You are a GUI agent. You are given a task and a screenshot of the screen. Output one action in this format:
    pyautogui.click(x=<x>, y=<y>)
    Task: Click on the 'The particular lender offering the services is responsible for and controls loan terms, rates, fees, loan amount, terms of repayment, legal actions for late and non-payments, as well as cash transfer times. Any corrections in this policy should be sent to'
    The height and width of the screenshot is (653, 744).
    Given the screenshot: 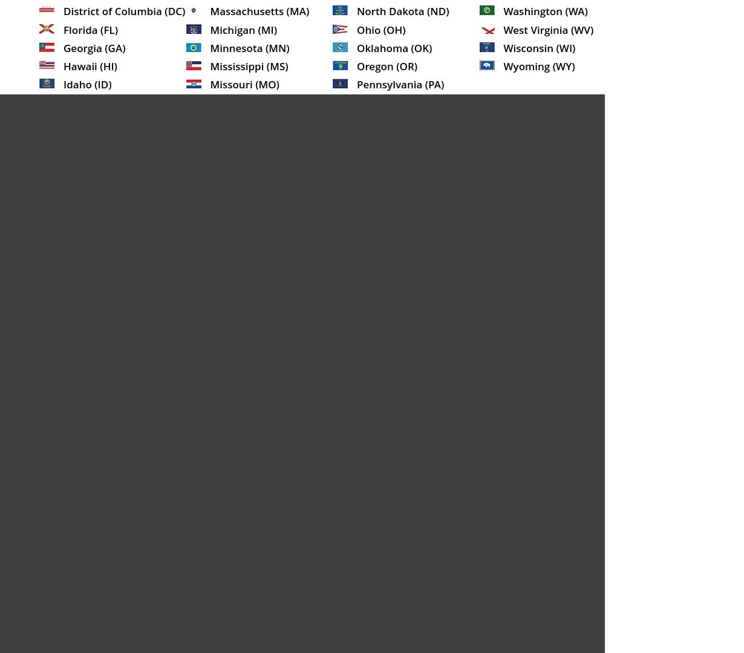 What is the action you would take?
    pyautogui.click(x=32, y=599)
    